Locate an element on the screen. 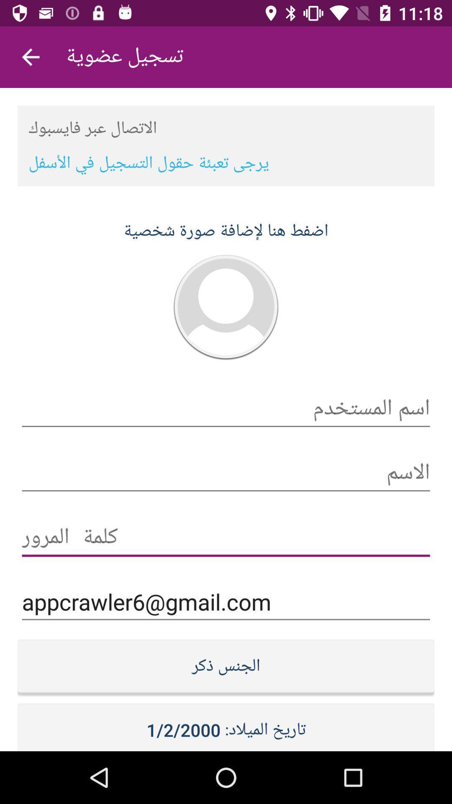 Image resolution: width=452 pixels, height=804 pixels. the grace is located at coordinates (226, 537).